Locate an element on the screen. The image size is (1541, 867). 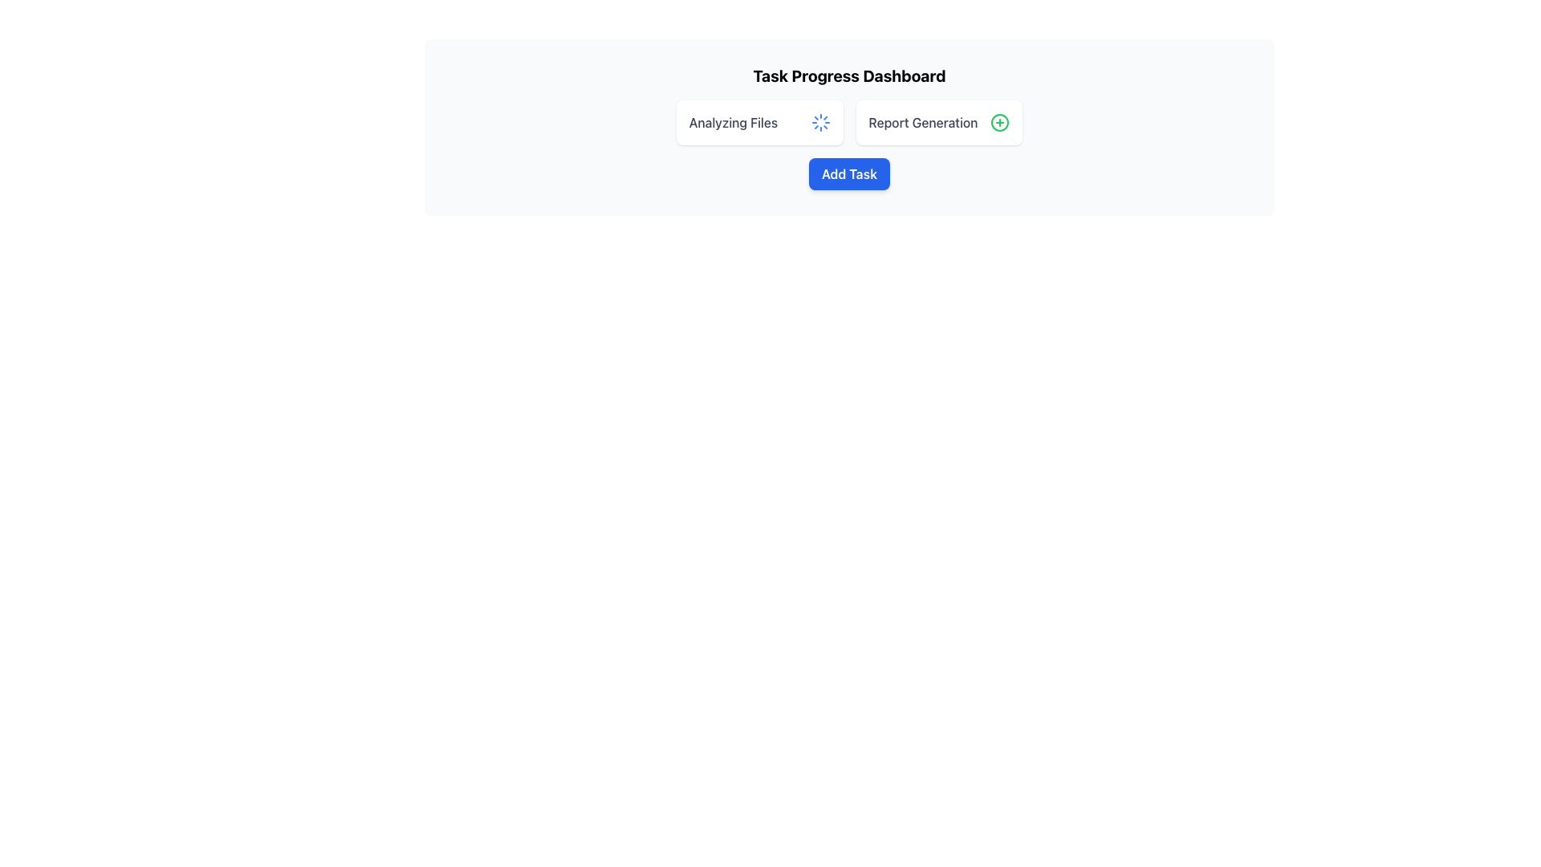
the actionable button (icon type) located on the far right of the 'Report Generation' section is located at coordinates (999, 122).